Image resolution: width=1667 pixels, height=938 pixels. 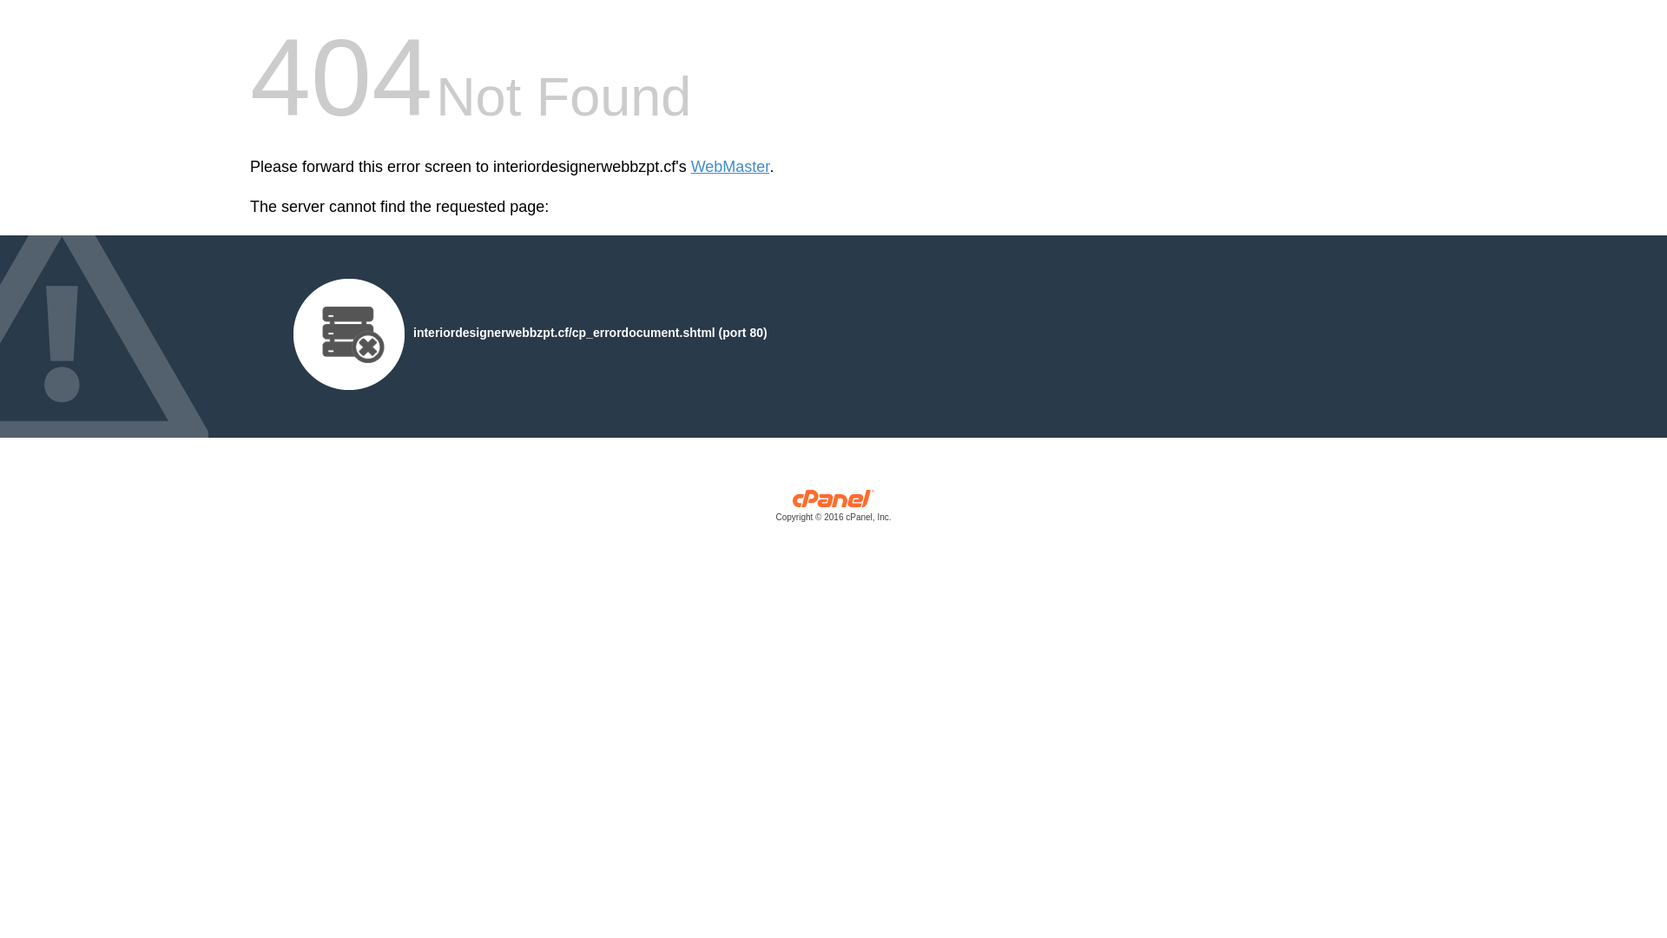 I want to click on 'WebMaster', so click(x=730, y=167).